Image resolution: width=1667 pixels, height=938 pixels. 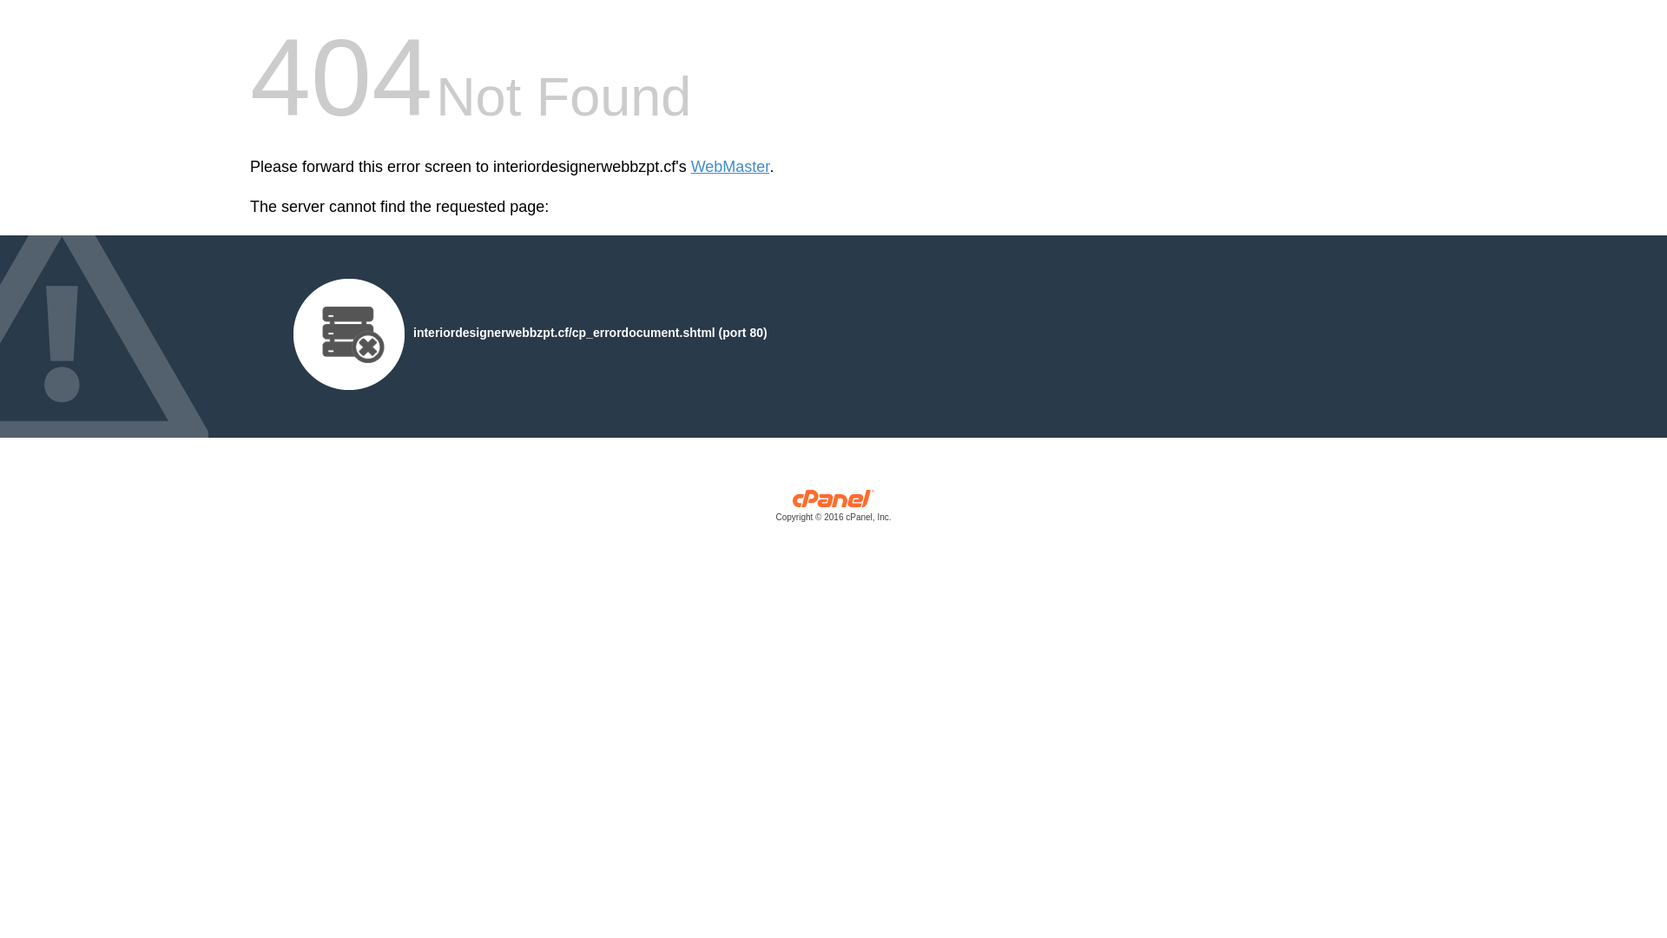 I want to click on 'WebMaster', so click(x=730, y=167).